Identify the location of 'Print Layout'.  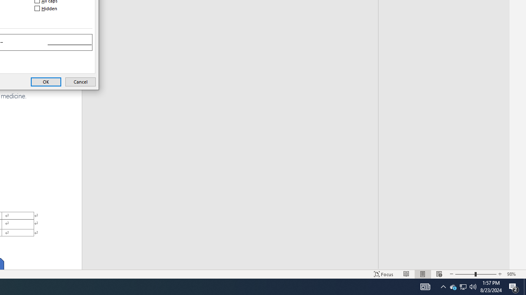
(423, 274).